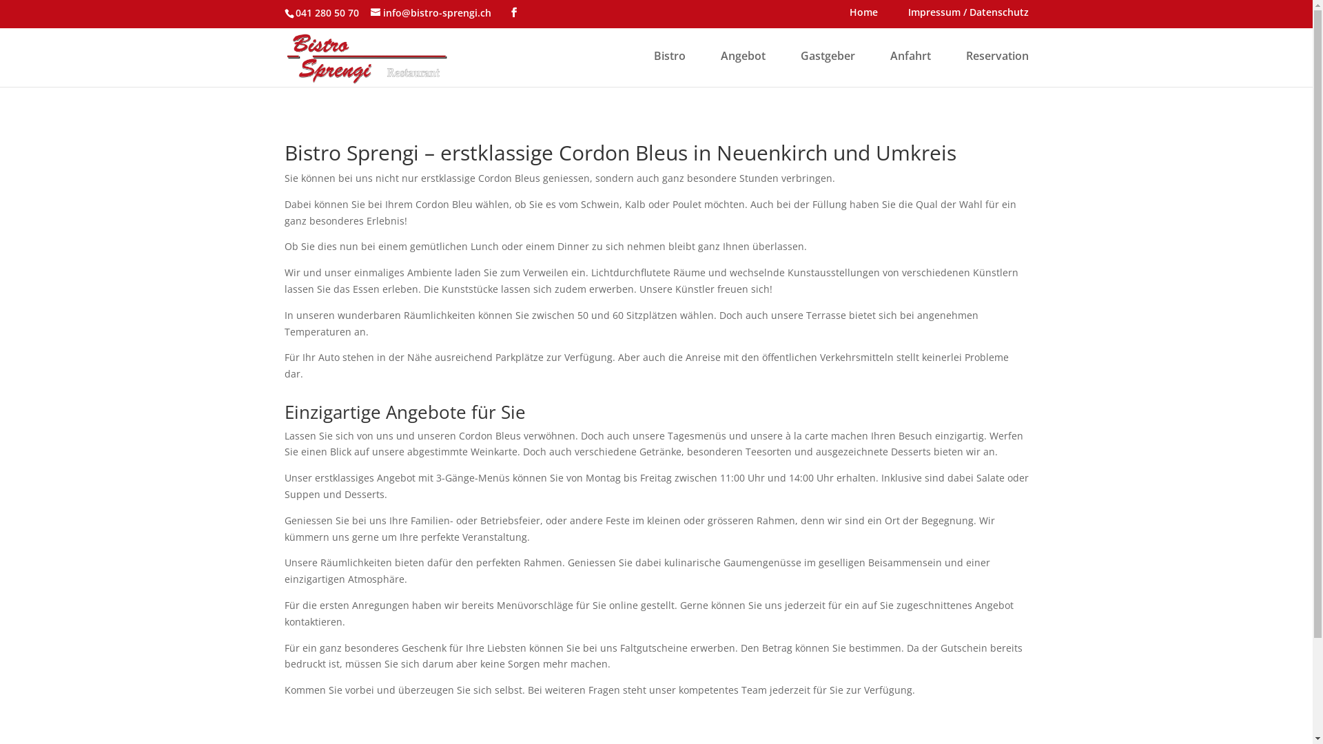  What do you see at coordinates (827, 67) in the screenshot?
I see `'Gastgeber'` at bounding box center [827, 67].